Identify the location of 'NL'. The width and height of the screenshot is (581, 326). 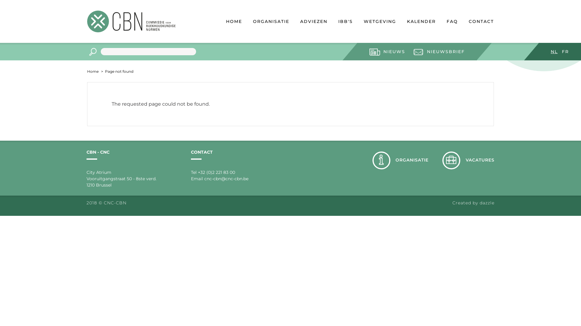
(554, 51).